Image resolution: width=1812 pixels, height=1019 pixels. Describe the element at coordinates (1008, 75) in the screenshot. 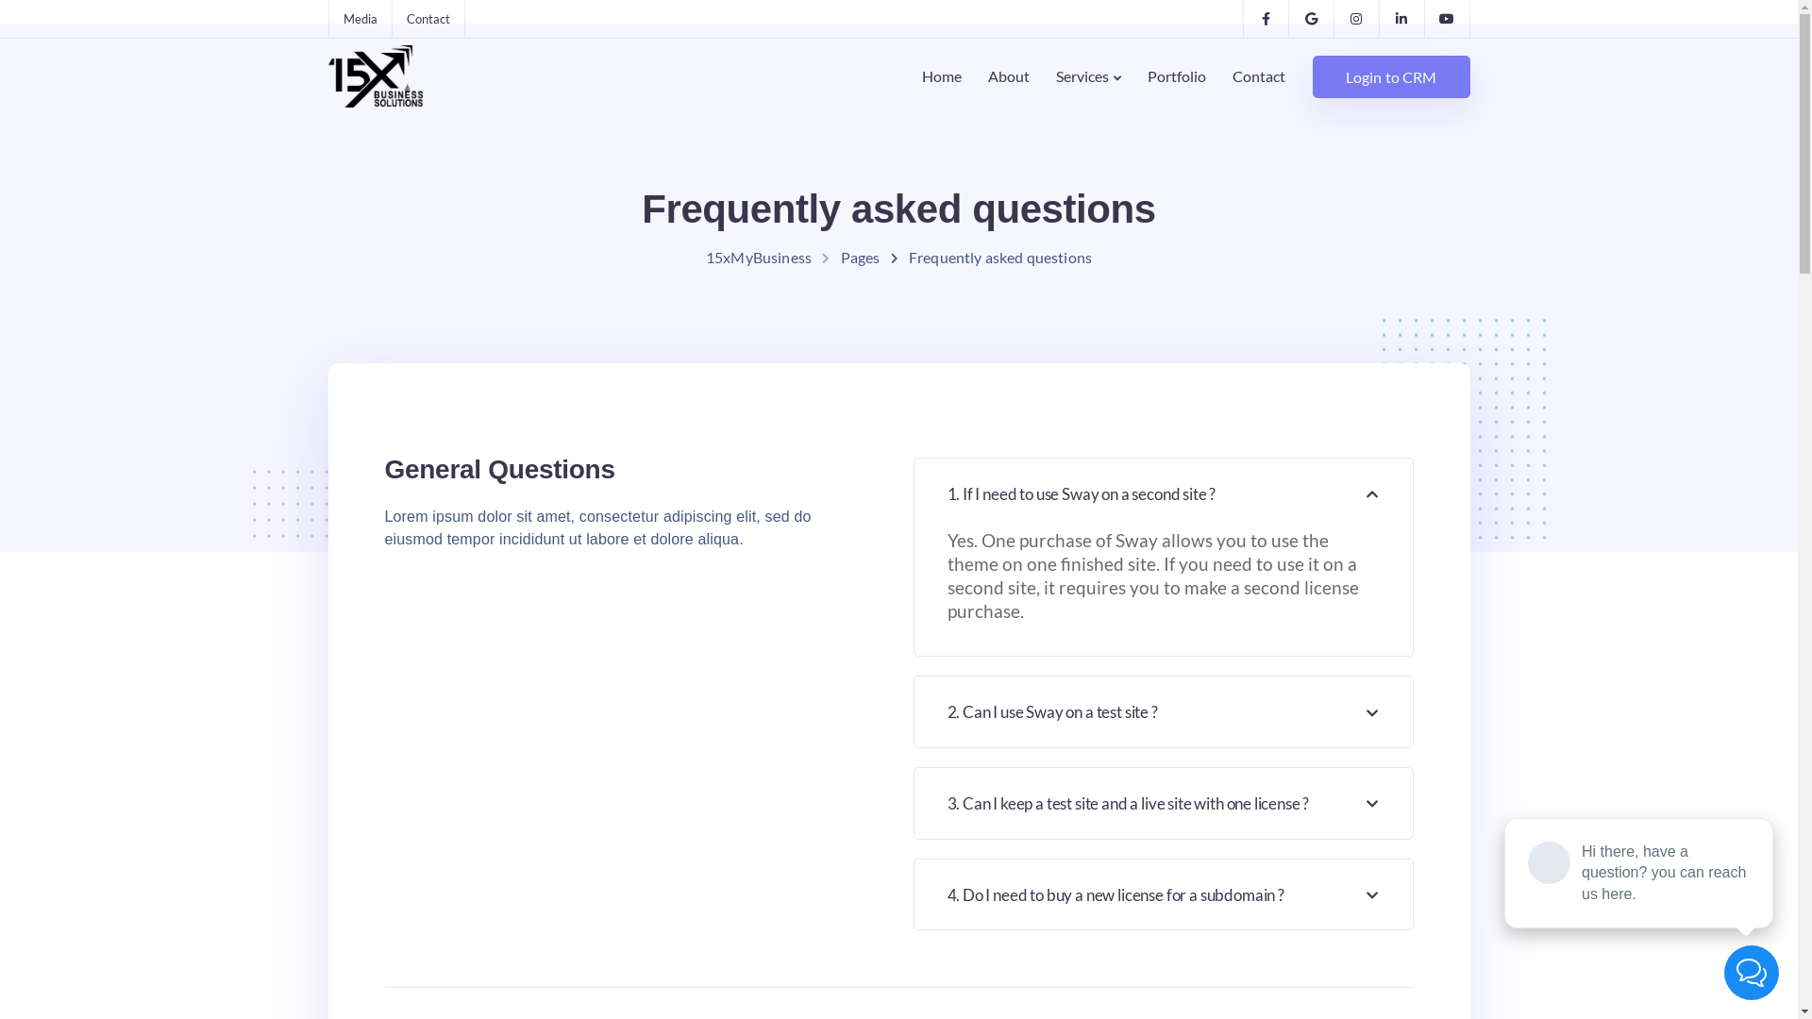

I see `'About'` at that location.